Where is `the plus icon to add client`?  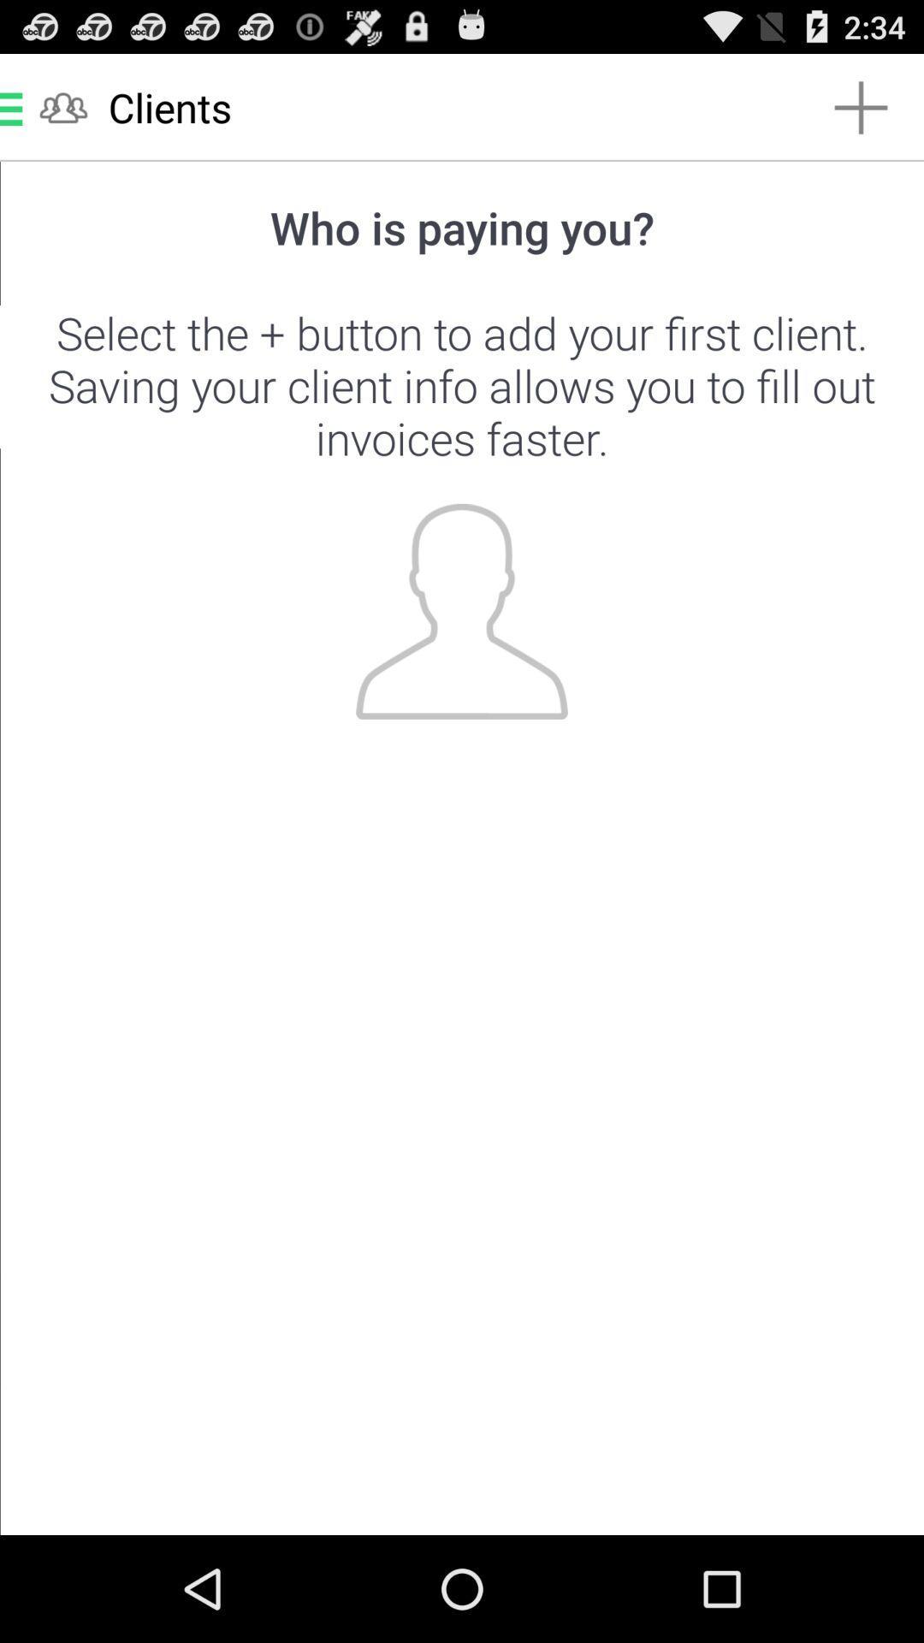 the plus icon to add client is located at coordinates (462, 848).